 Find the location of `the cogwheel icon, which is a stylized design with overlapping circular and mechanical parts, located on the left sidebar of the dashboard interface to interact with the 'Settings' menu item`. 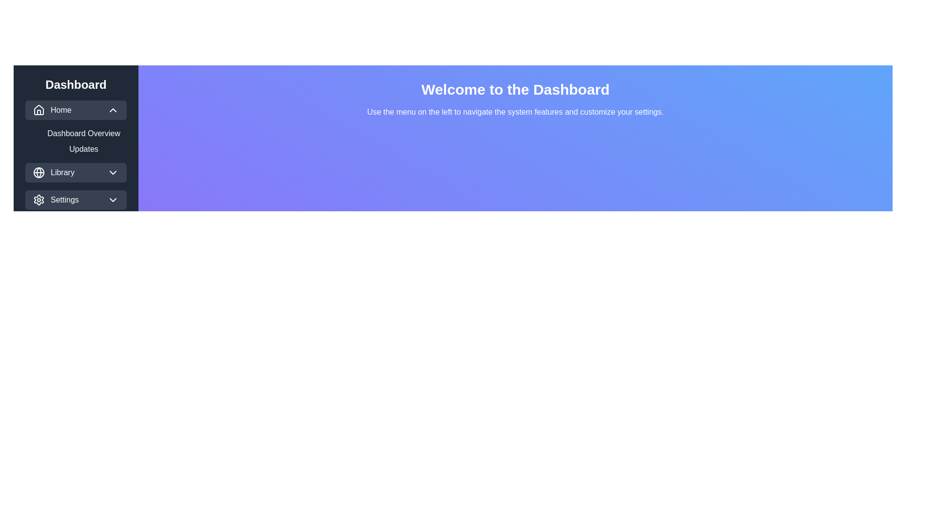

the cogwheel icon, which is a stylized design with overlapping circular and mechanical parts, located on the left sidebar of the dashboard interface to interact with the 'Settings' menu item is located at coordinates (39, 199).